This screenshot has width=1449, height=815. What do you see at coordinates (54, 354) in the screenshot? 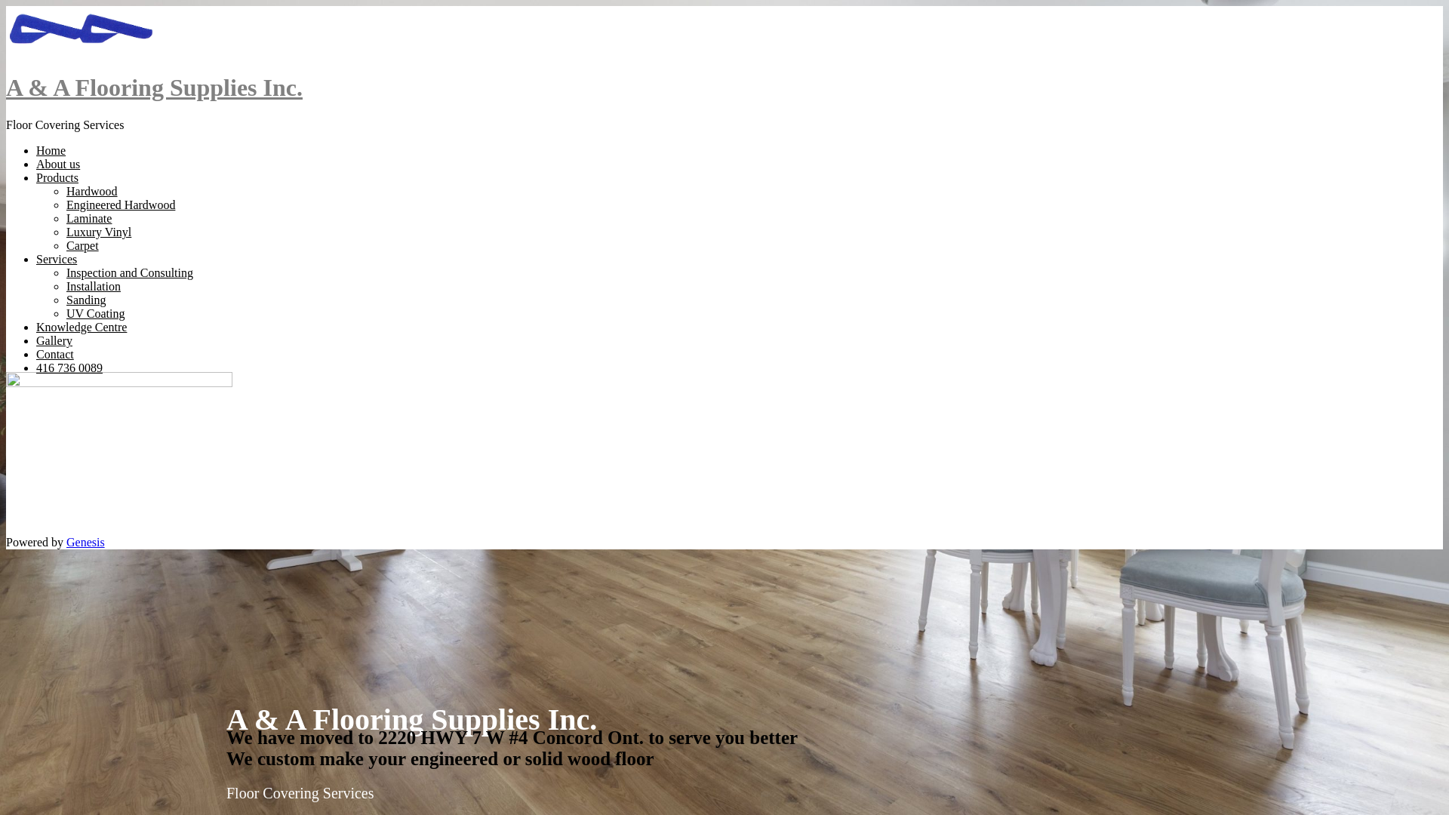
I see `'Contact'` at bounding box center [54, 354].